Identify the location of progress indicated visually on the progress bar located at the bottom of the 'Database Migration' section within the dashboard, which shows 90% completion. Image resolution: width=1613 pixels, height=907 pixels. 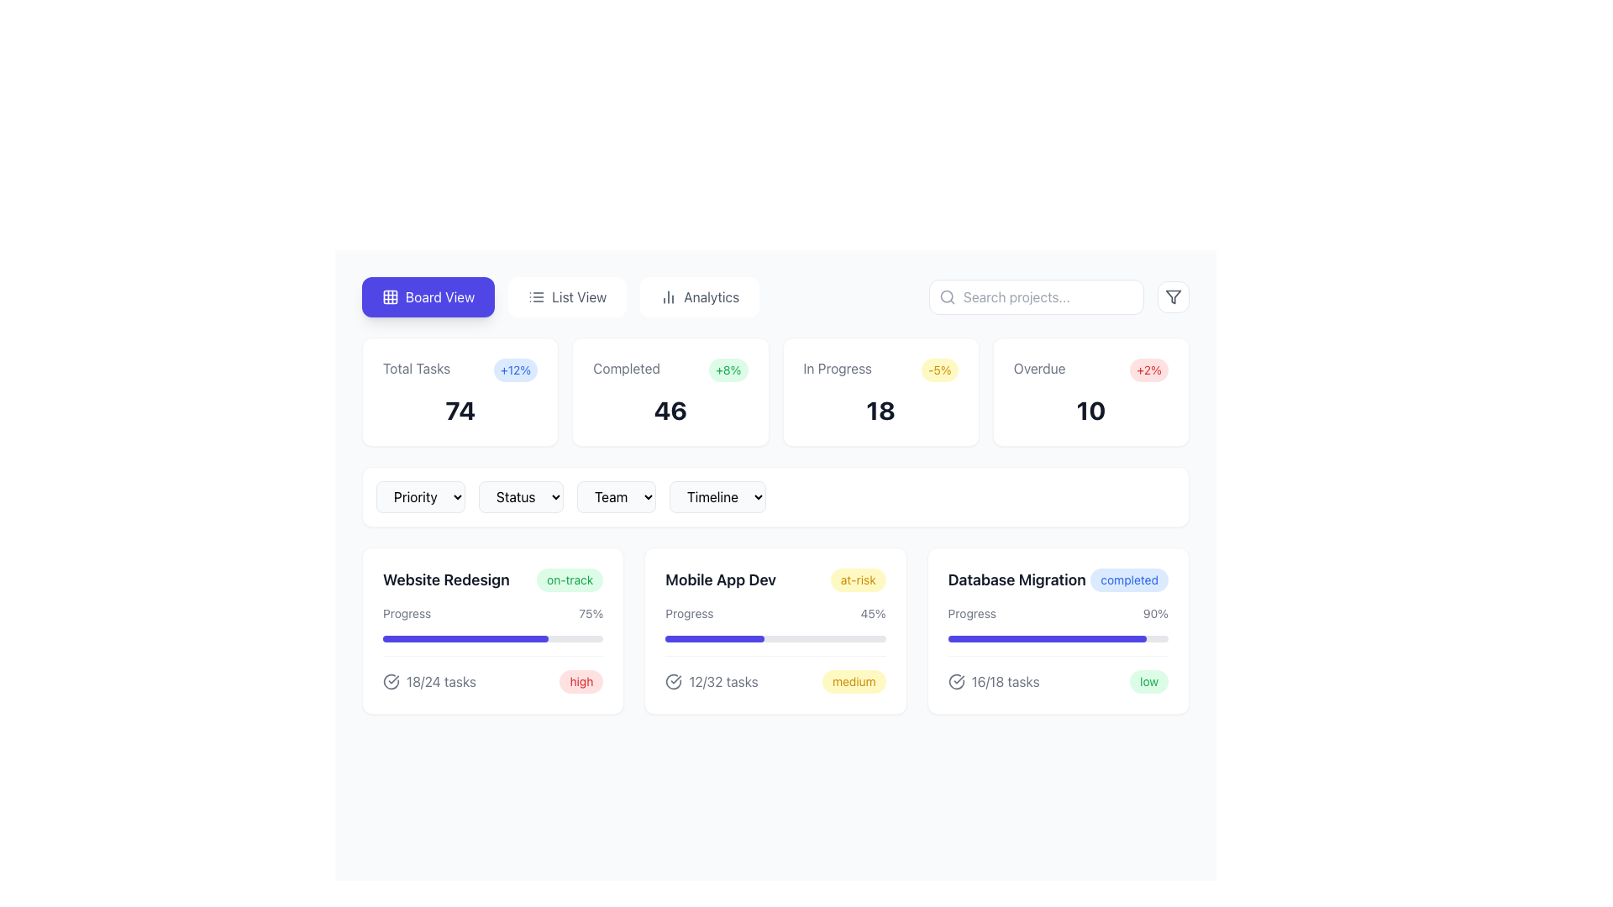
(1046, 638).